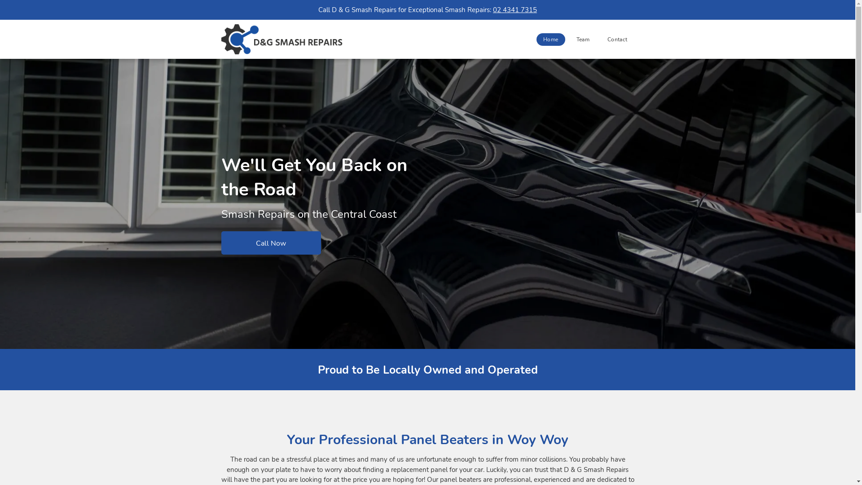 Image resolution: width=862 pixels, height=485 pixels. I want to click on 'Home', so click(550, 39).